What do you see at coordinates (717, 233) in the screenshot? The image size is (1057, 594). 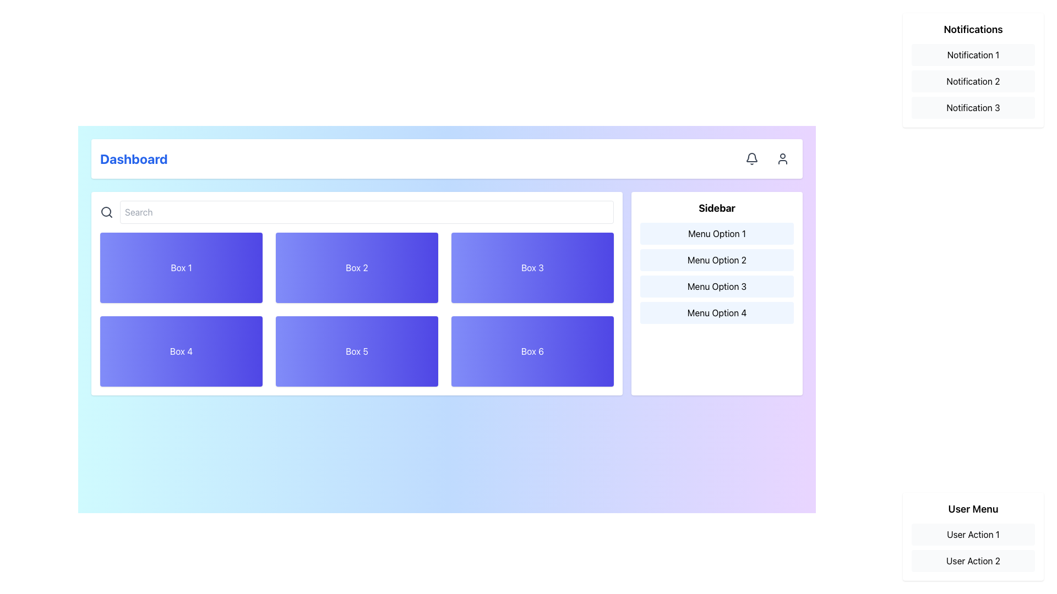 I see `the Menu Button located at the top of the sidebar list to change its background color` at bounding box center [717, 233].